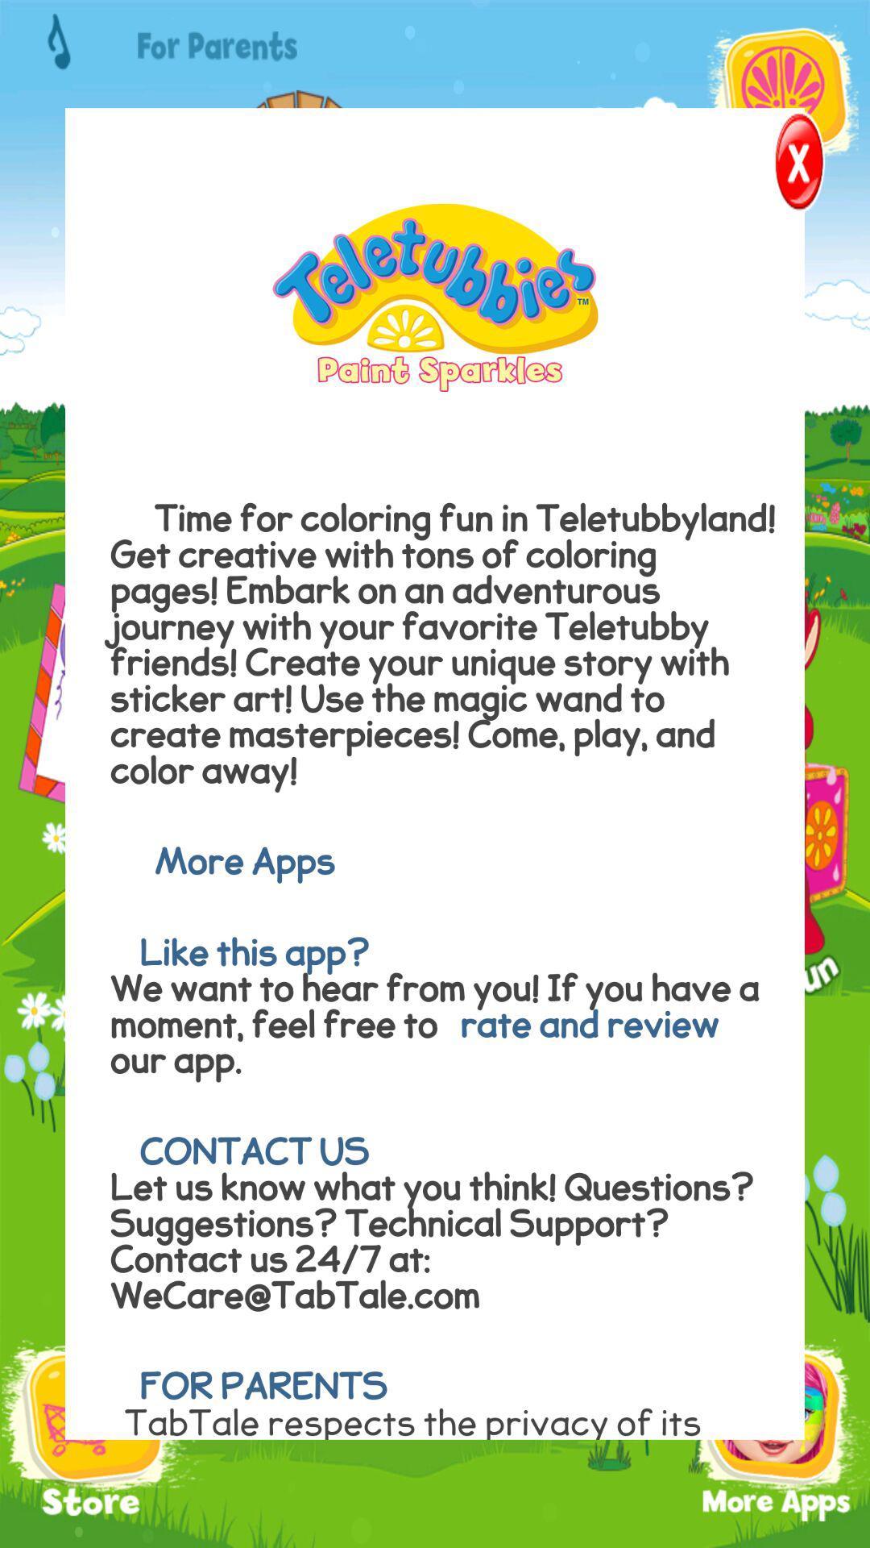  What do you see at coordinates (773, 166) in the screenshot?
I see `close` at bounding box center [773, 166].